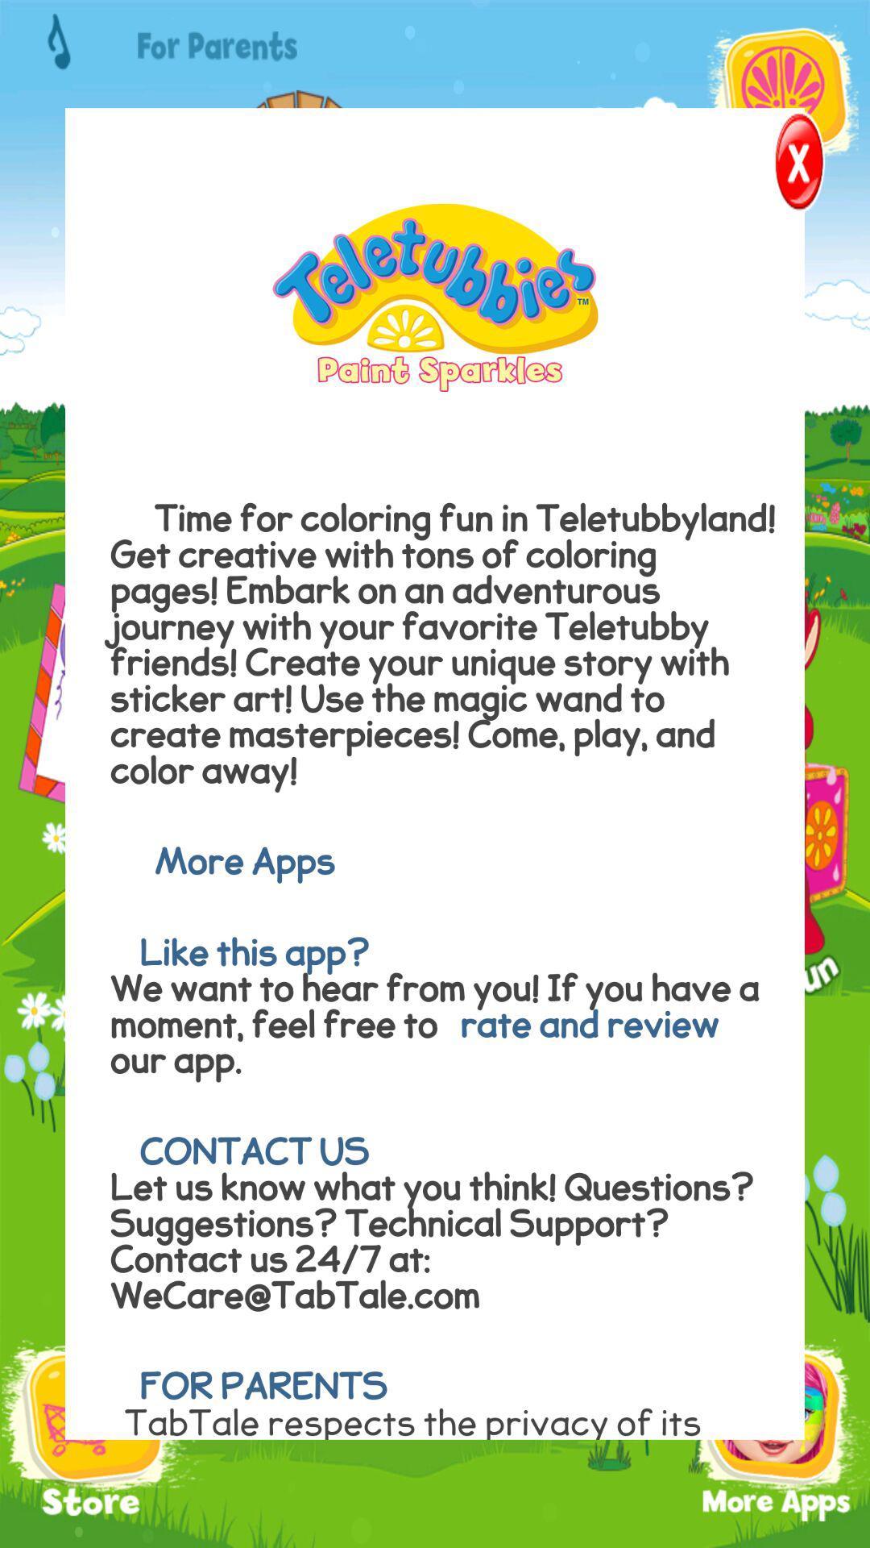  What do you see at coordinates (773, 166) in the screenshot?
I see `close` at bounding box center [773, 166].